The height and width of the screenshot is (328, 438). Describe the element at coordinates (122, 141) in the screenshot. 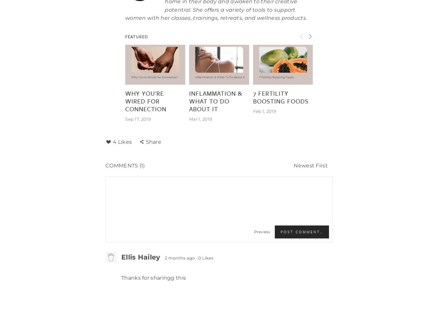

I see `'4 Likes'` at that location.